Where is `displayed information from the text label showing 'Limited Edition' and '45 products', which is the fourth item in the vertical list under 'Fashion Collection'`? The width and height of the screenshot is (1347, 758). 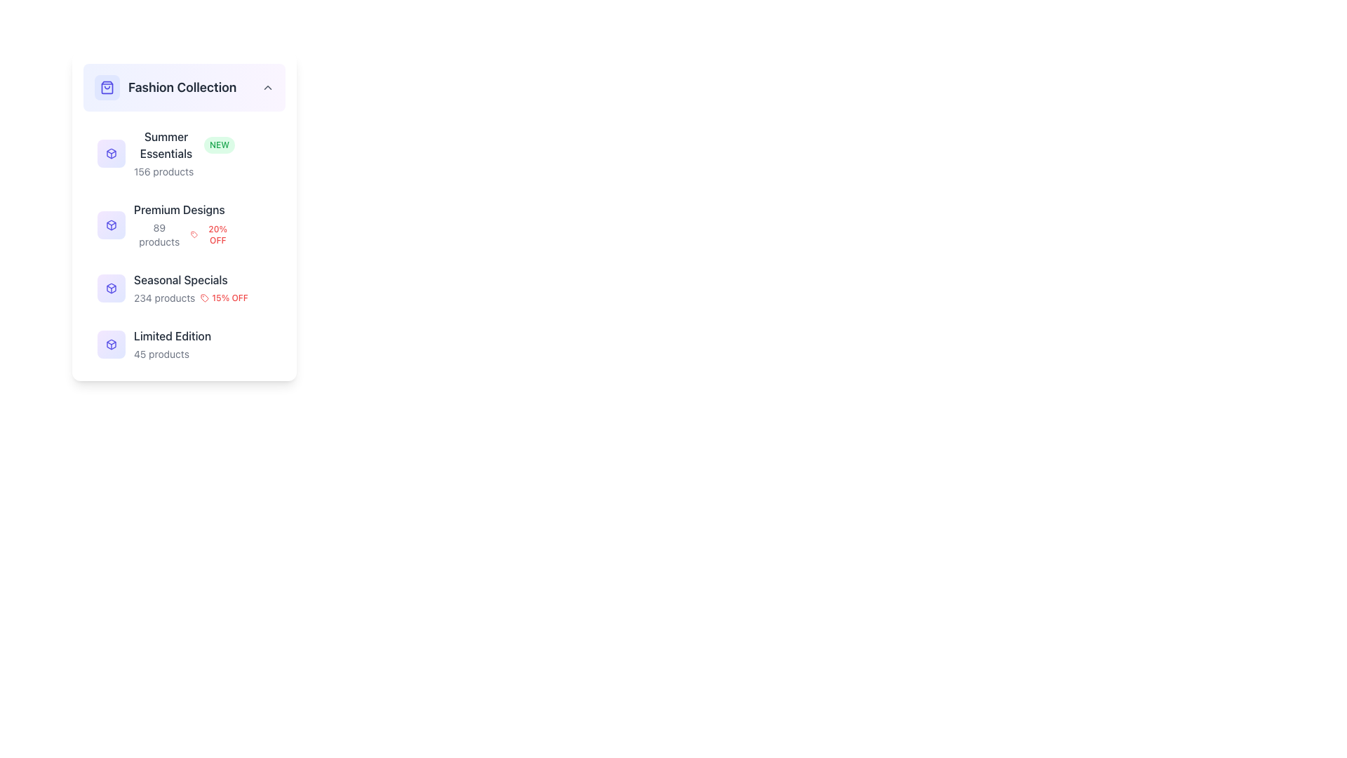 displayed information from the text label showing 'Limited Edition' and '45 products', which is the fourth item in the vertical list under 'Fashion Collection' is located at coordinates (184, 344).